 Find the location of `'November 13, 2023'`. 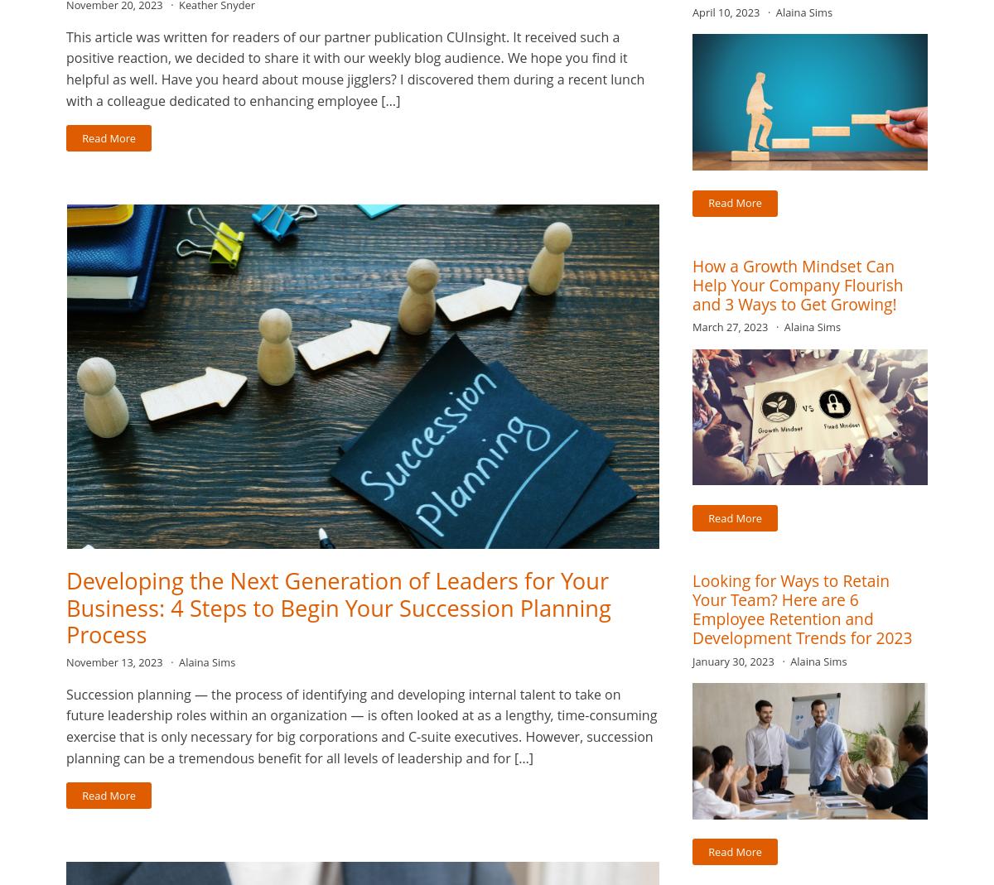

'November 13, 2023' is located at coordinates (115, 662).